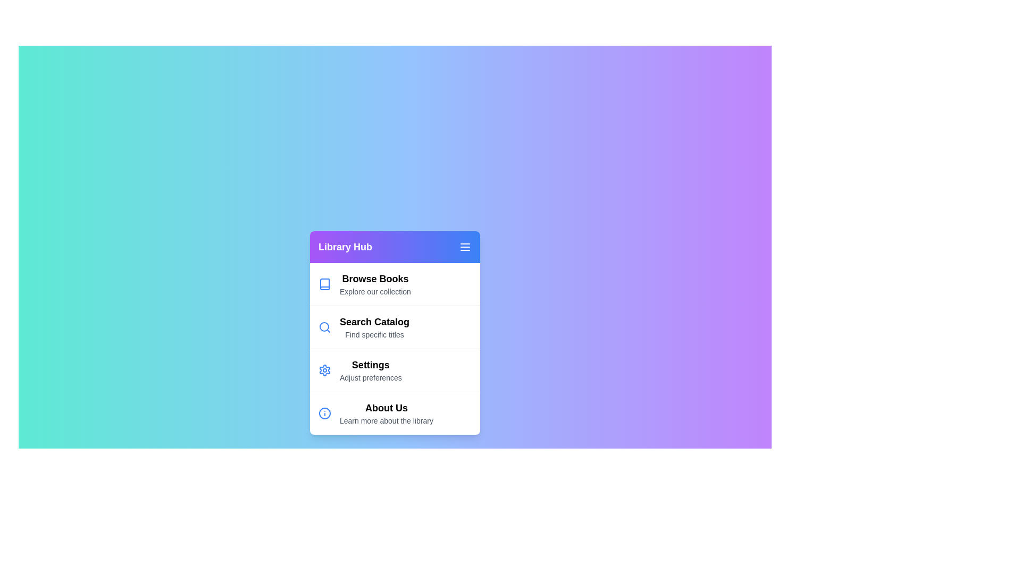  I want to click on the gradient background at its center, so click(395, 332).